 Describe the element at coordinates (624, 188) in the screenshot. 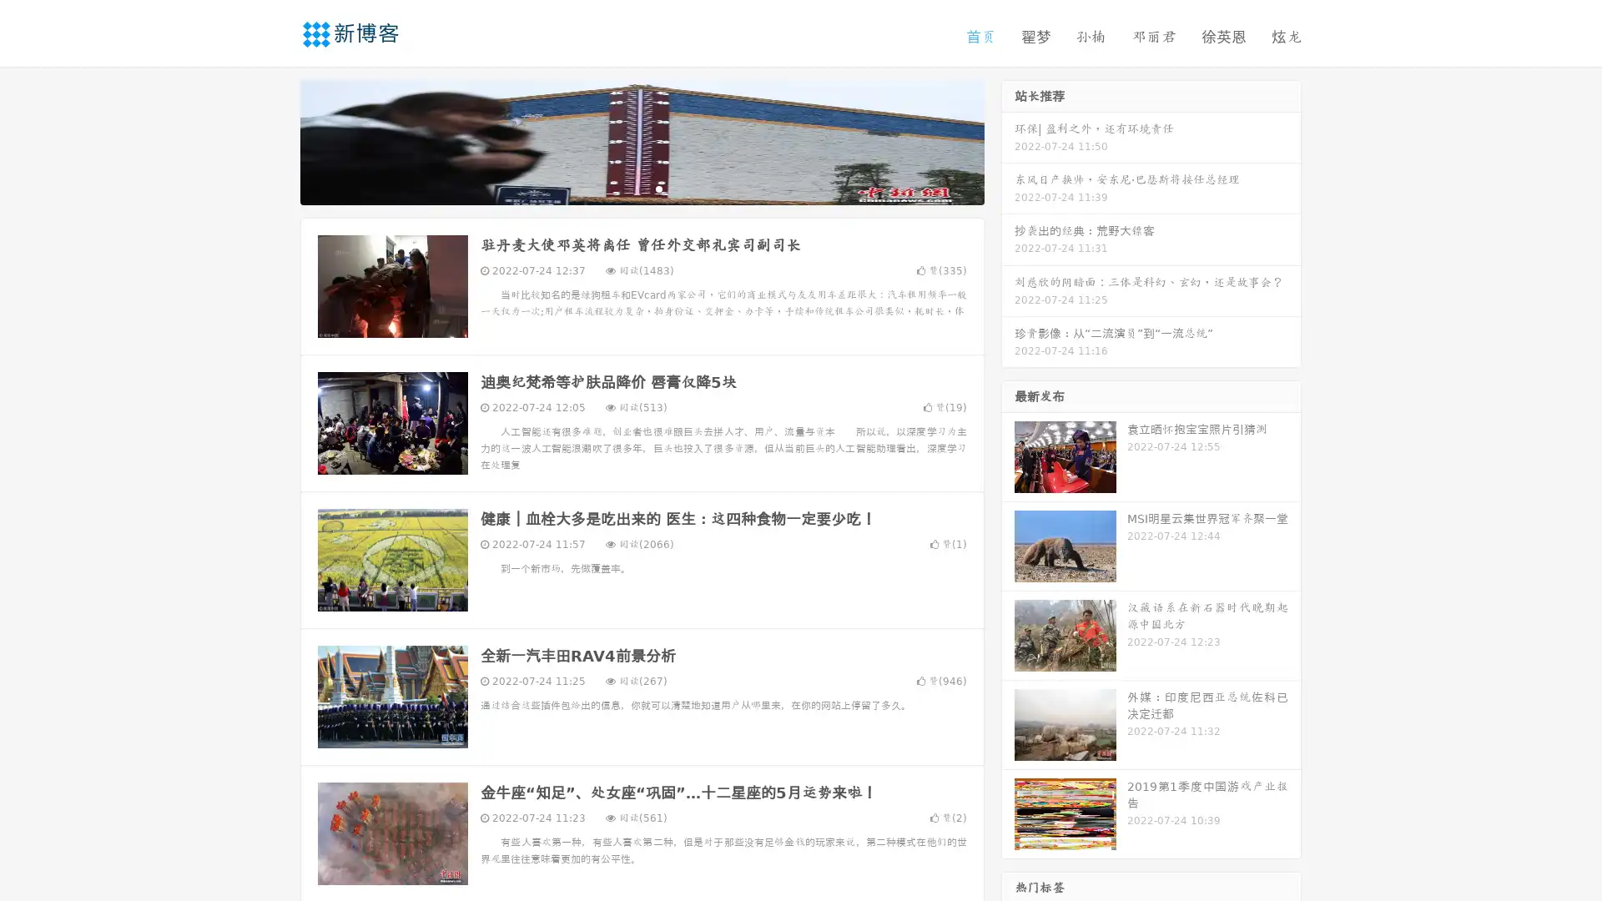

I see `Go to slide 1` at that location.